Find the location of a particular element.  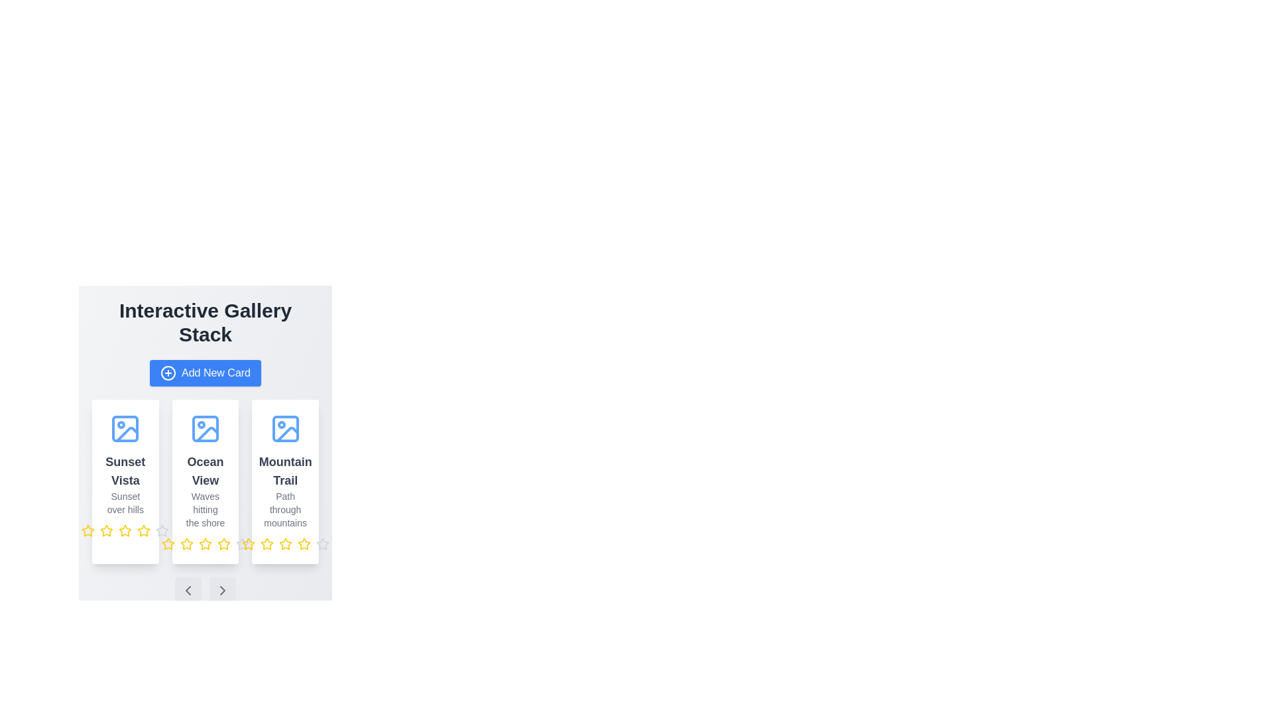

the icon representing the 'Ocean View' card in the interactive gallery stack, which is centrally located above the text label is located at coordinates (204, 429).